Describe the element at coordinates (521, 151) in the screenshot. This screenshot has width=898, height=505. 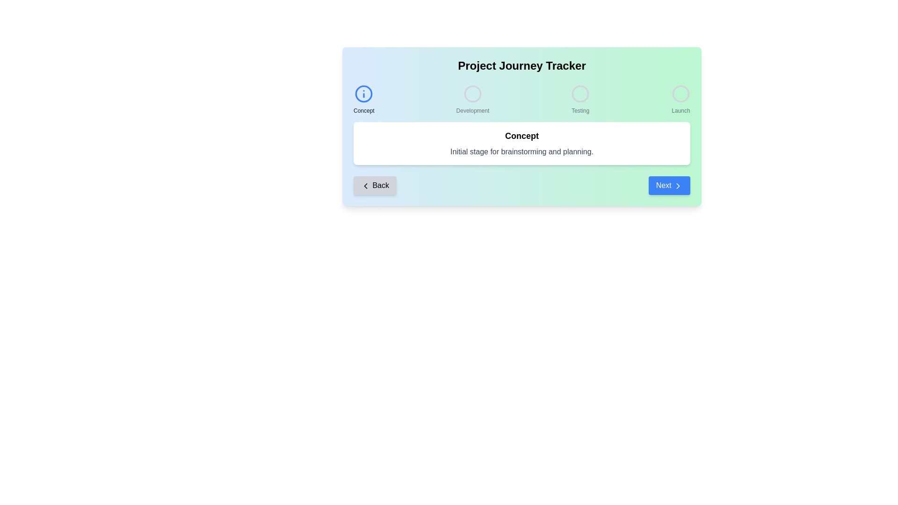
I see `the static text block that contains the content 'Initial stage for brainstorming and planning.', which is styled in gray and located below the bold header 'Concept'` at that location.